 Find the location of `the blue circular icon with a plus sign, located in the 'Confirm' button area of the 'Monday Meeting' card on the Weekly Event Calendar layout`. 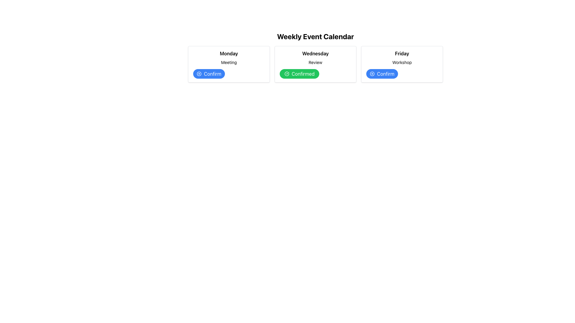

the blue circular icon with a plus sign, located in the 'Confirm' button area of the 'Monday Meeting' card on the Weekly Event Calendar layout is located at coordinates (199, 73).